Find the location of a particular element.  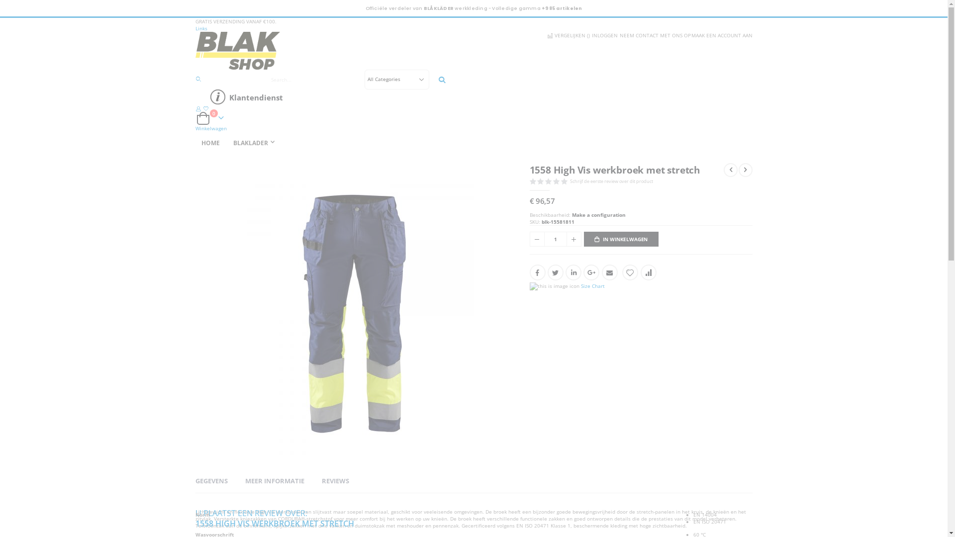

'REVIEWS' is located at coordinates (335, 480).